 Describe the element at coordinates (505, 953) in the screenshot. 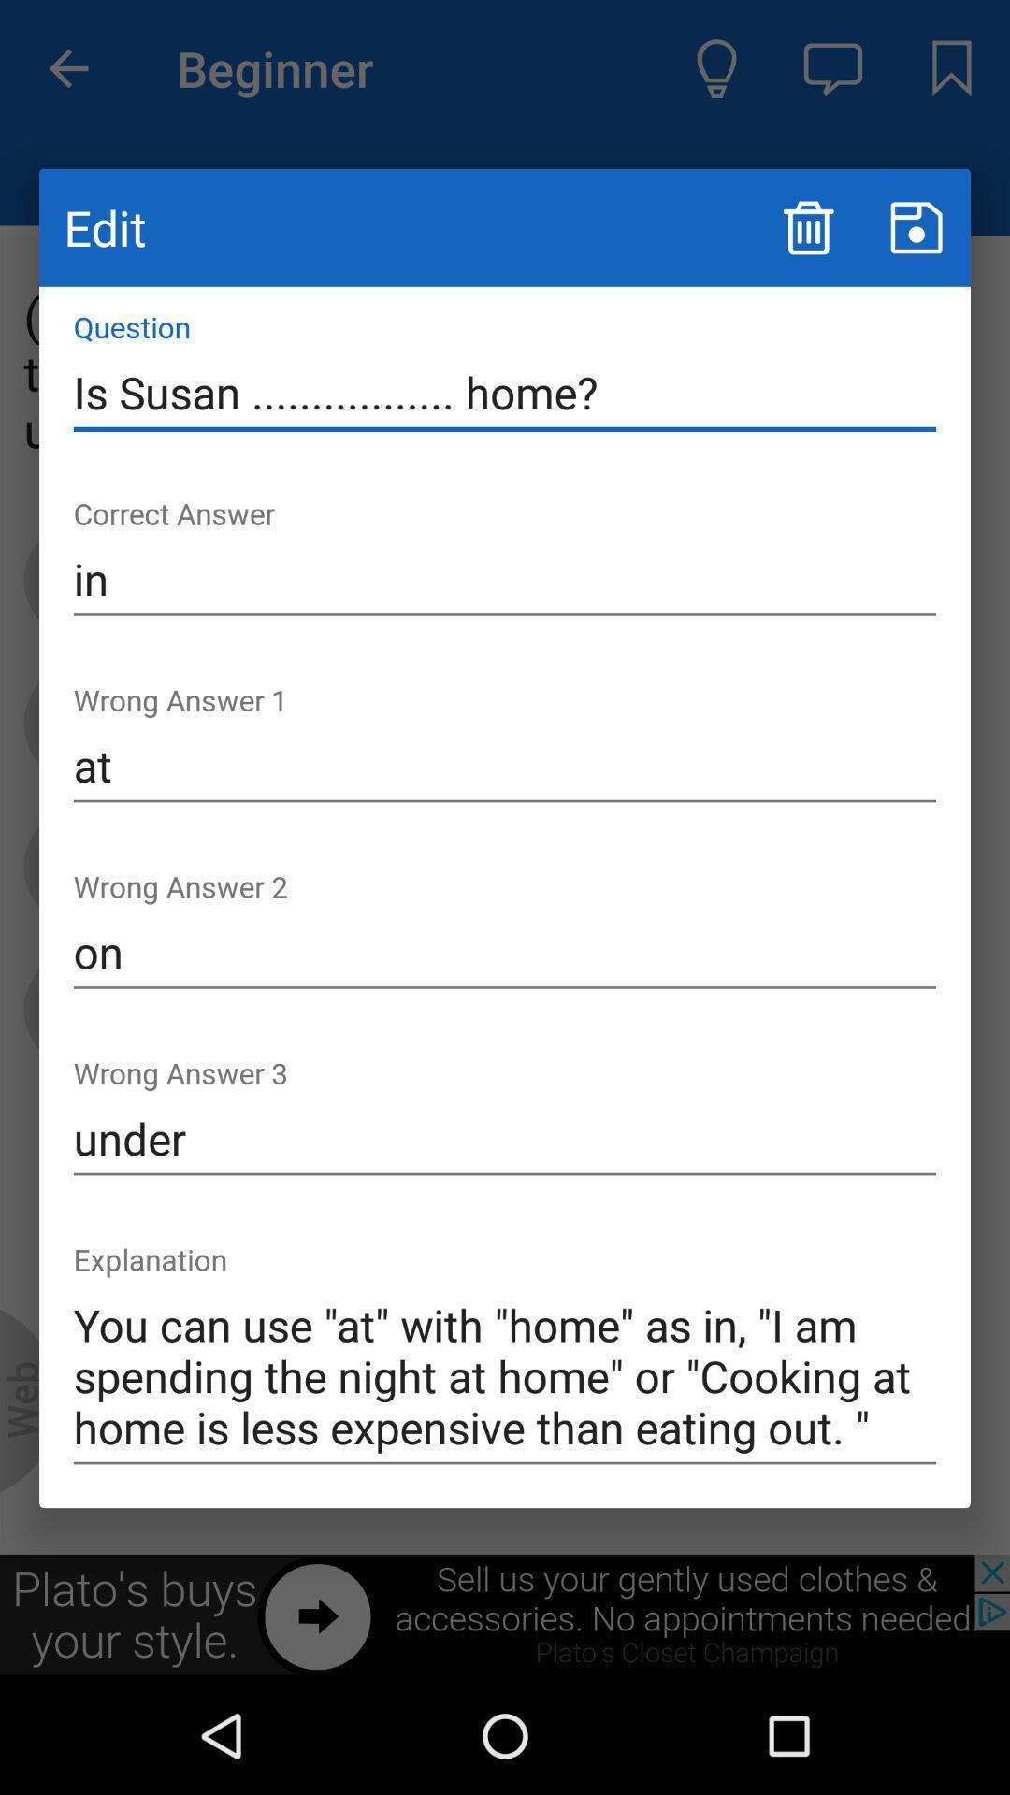

I see `the on item` at that location.